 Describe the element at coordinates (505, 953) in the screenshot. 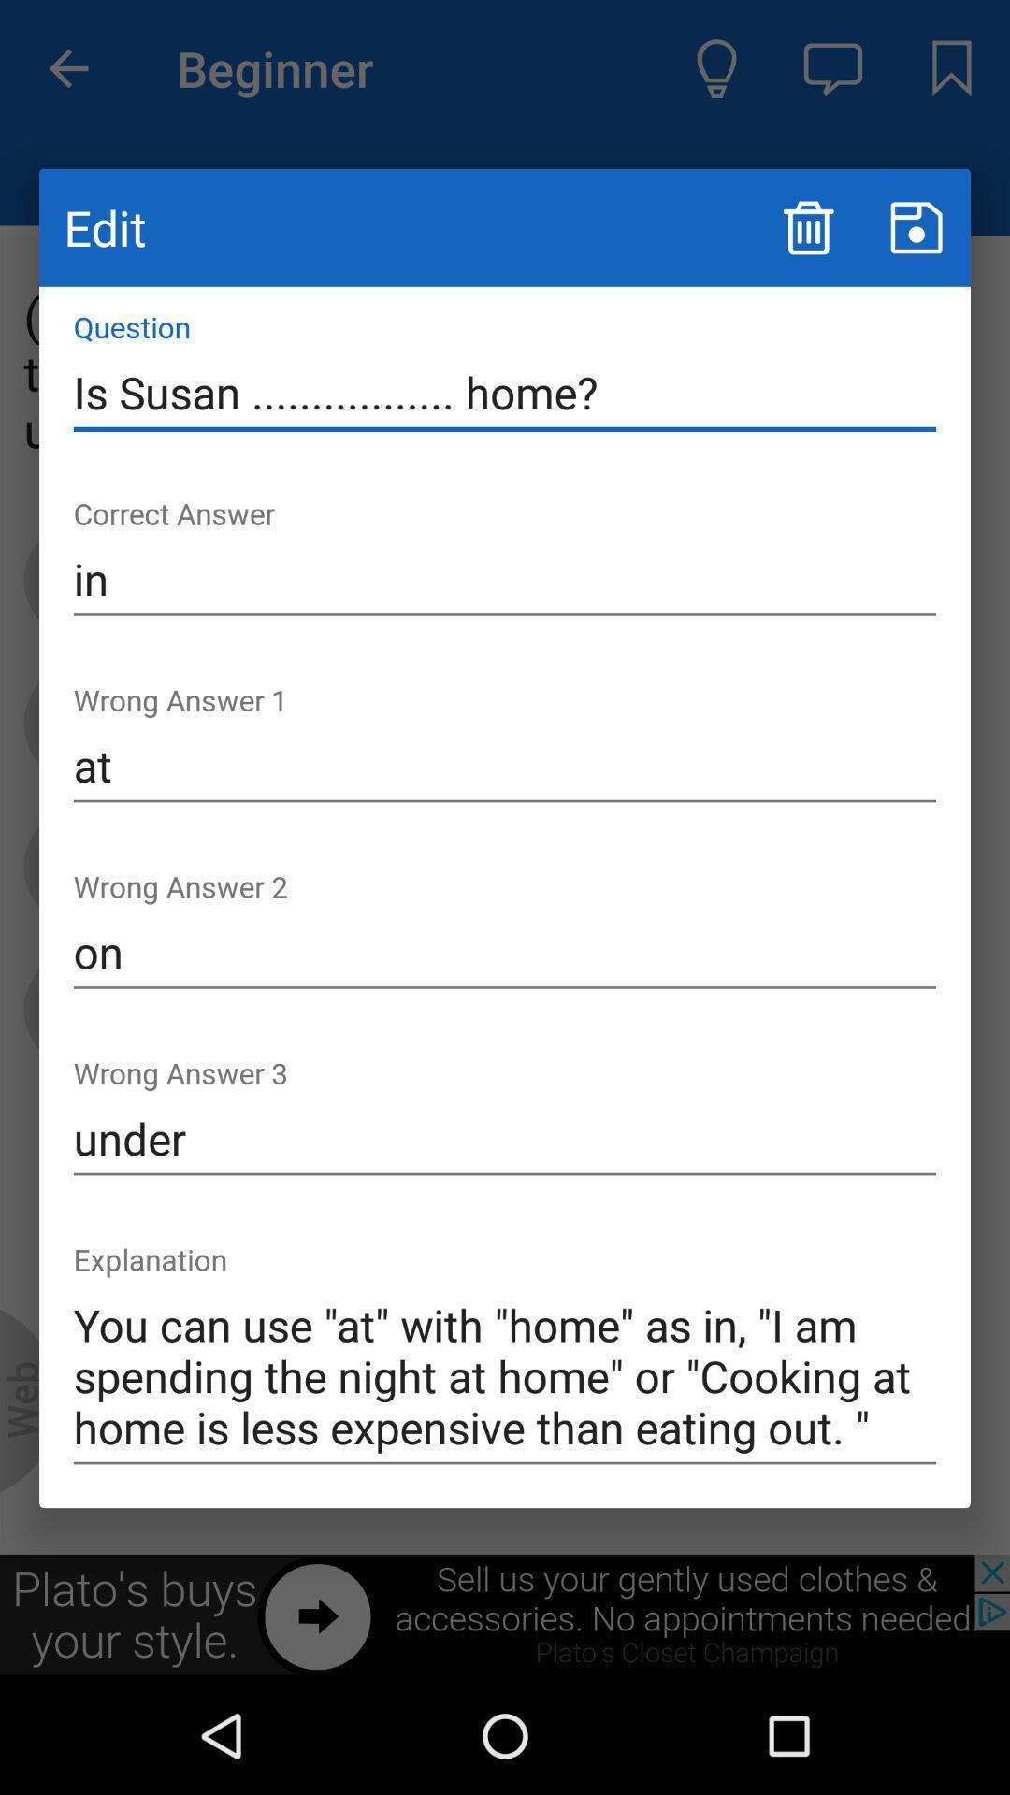

I see `the on item` at that location.